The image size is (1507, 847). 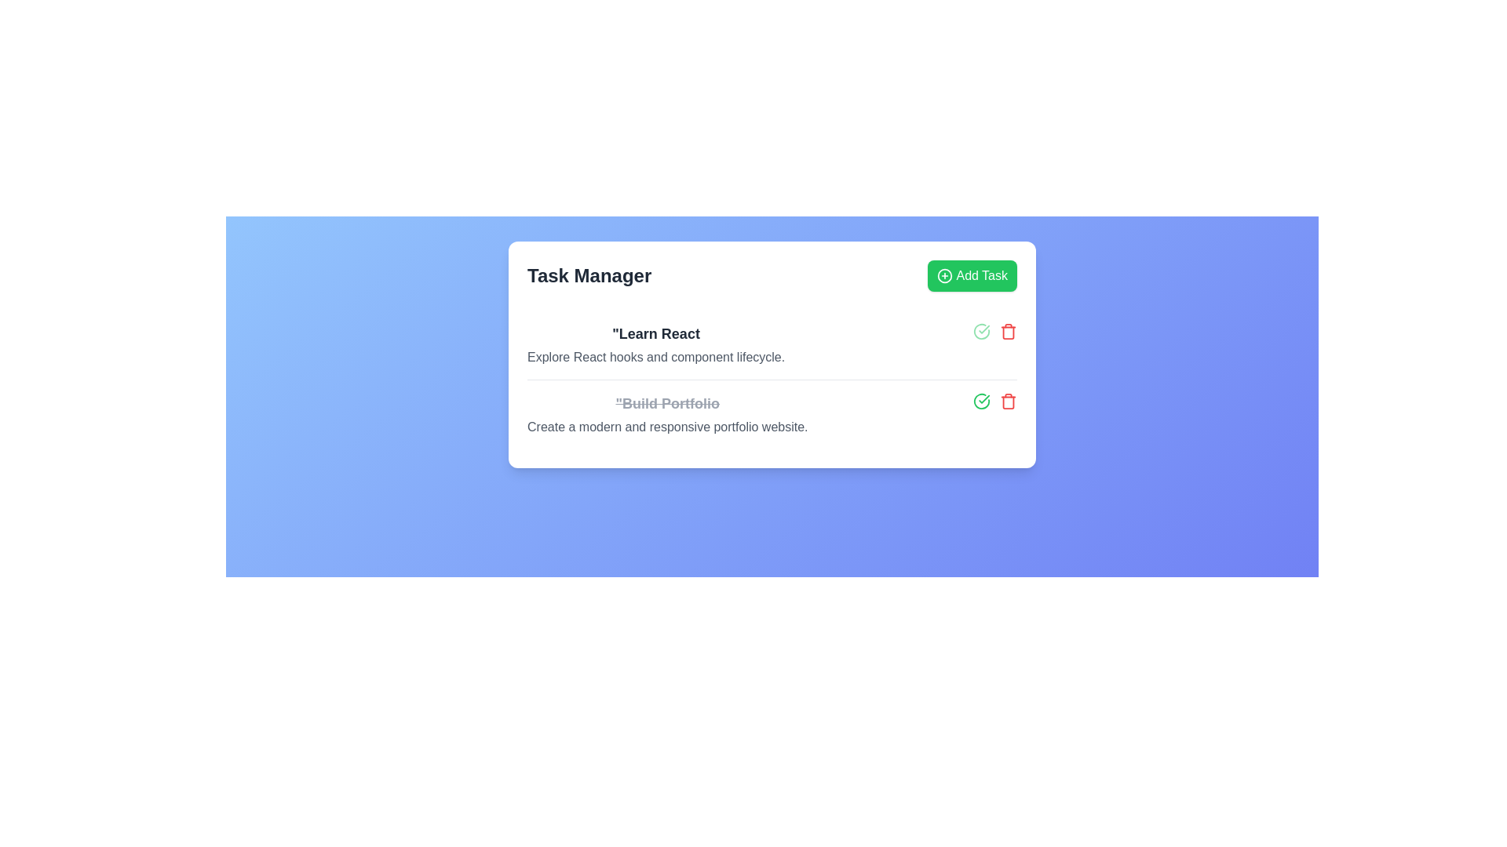 What do you see at coordinates (972, 274) in the screenshot?
I see `the 'Add Task' button located in the top-right corner of the 'Task Manager' interface to observe the hover effect` at bounding box center [972, 274].